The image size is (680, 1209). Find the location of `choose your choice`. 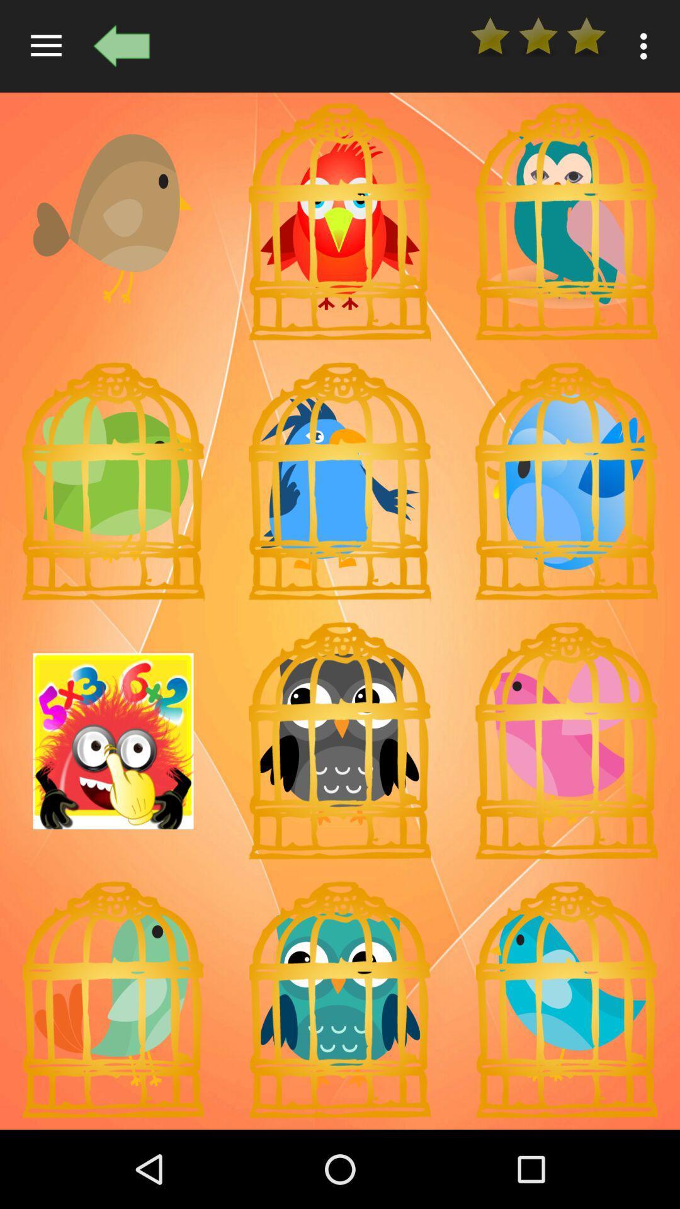

choose your choice is located at coordinates (340, 480).